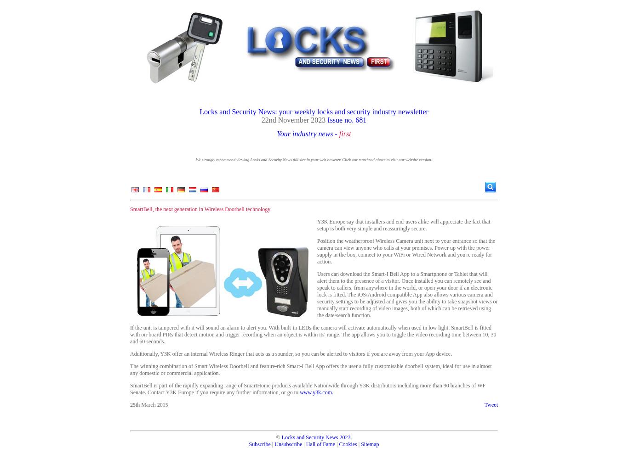 This screenshot has height=459, width=628. Describe the element at coordinates (344, 437) in the screenshot. I see `'2023'` at that location.